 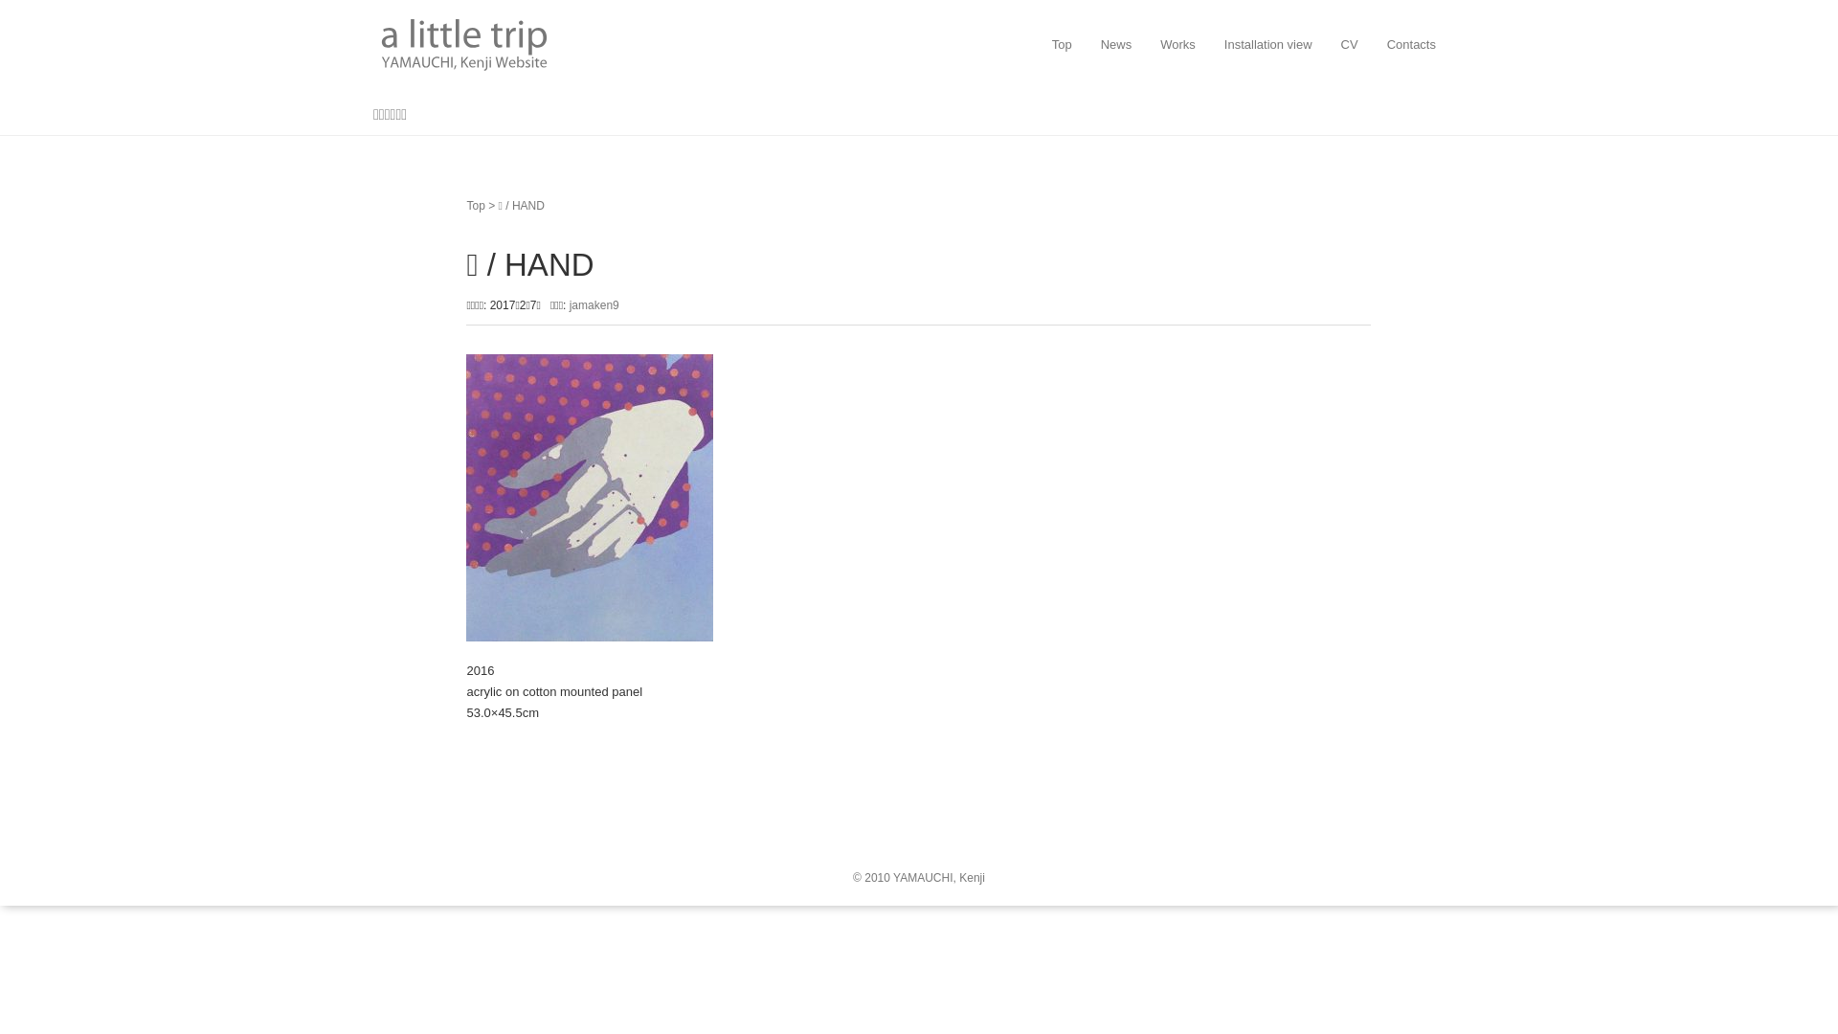 What do you see at coordinates (1349, 43) in the screenshot?
I see `'CV'` at bounding box center [1349, 43].